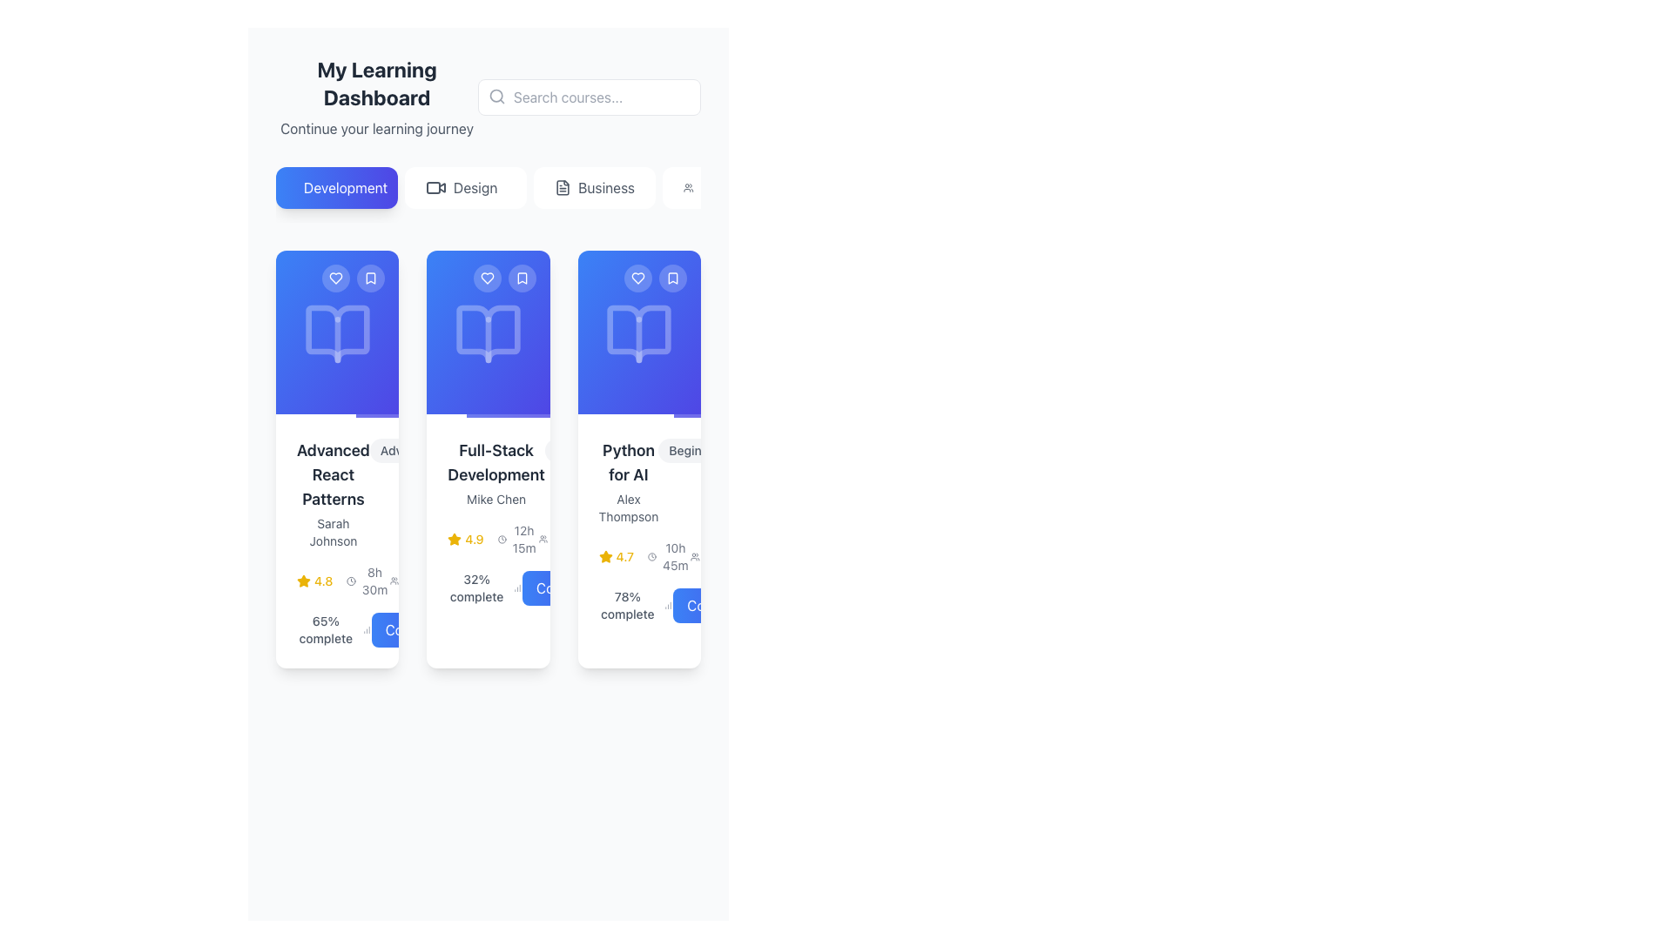  I want to click on the design or meaning of the icon located centrally within the content area of the second card in the series of three cards, so click(488, 334).